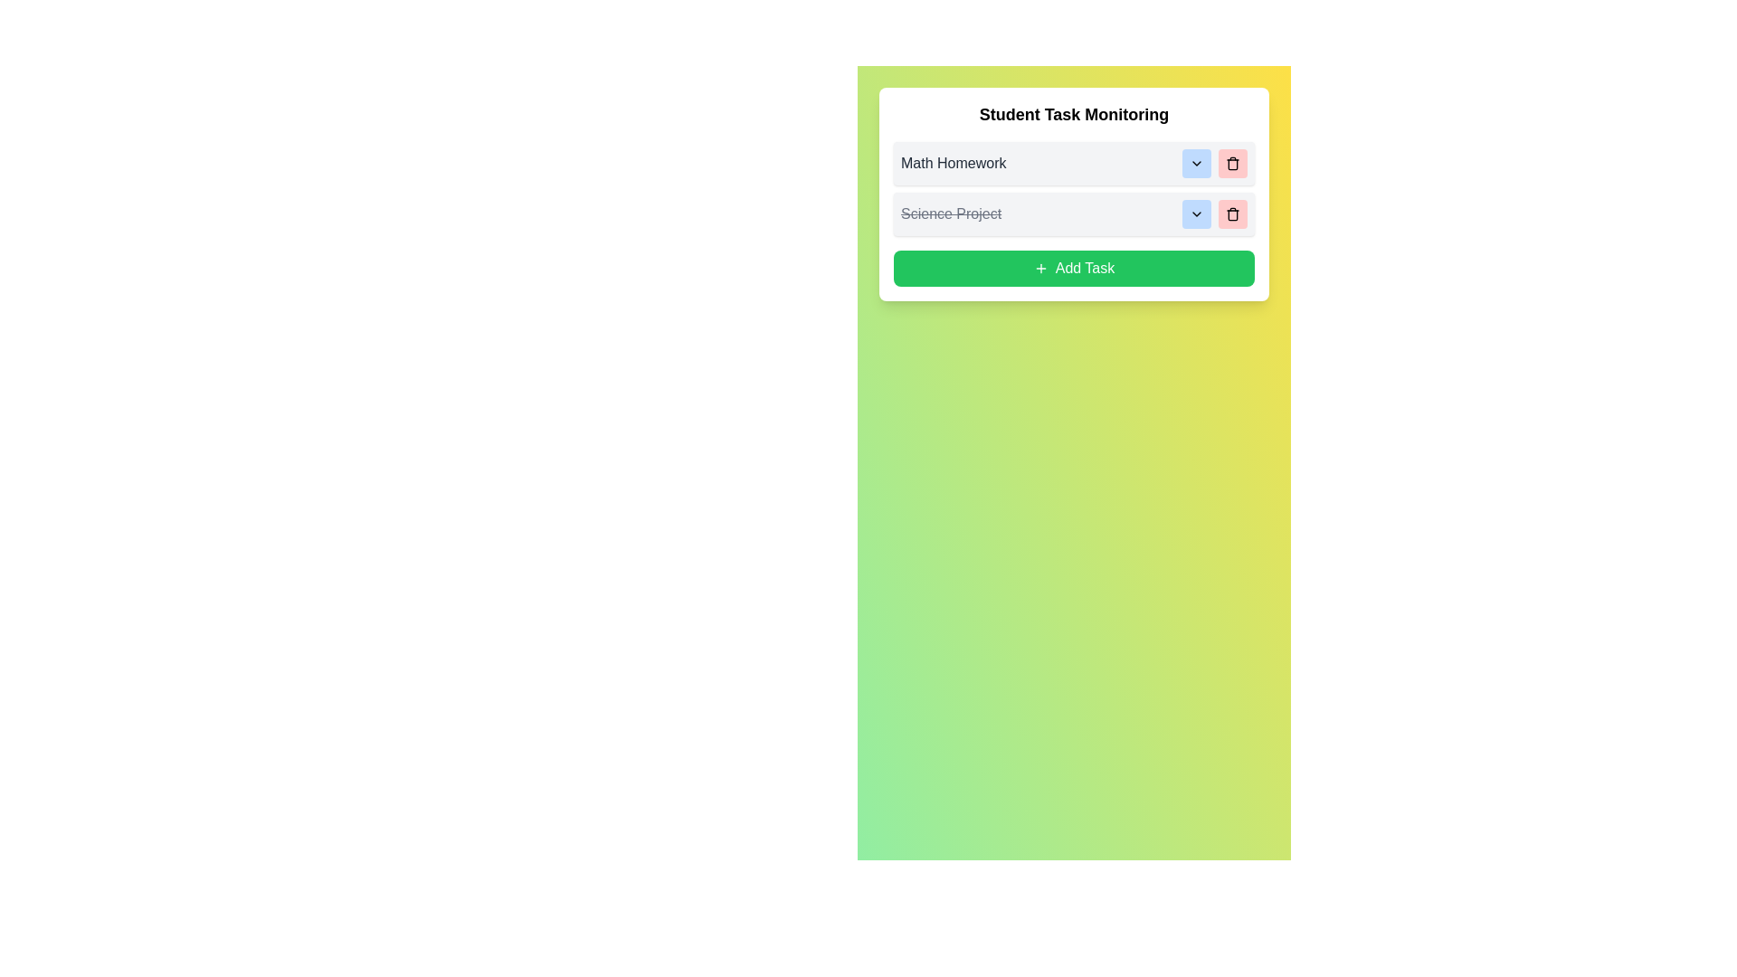 Image resolution: width=1737 pixels, height=977 pixels. What do you see at coordinates (1085, 269) in the screenshot?
I see `text label within the green button at the bottom of the 'Student Task Monitoring' panel, which indicates the functionality to add a new task` at bounding box center [1085, 269].